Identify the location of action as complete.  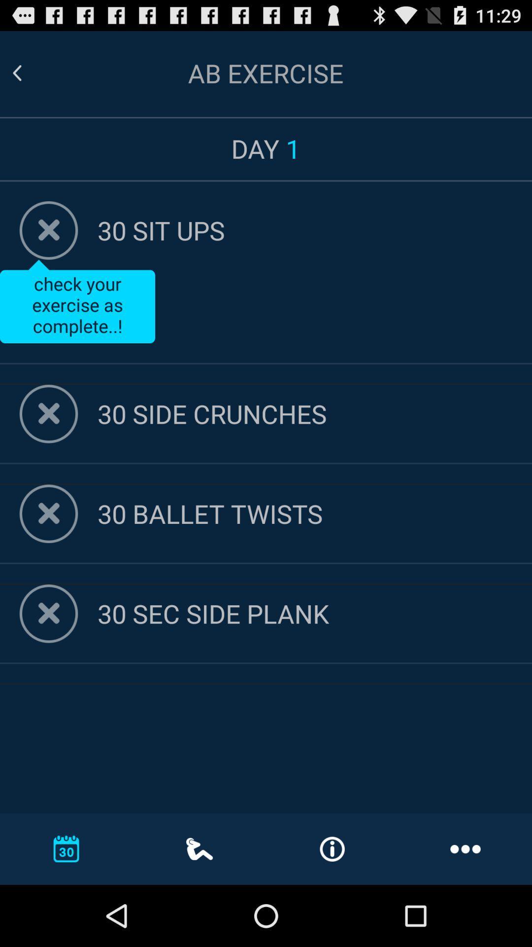
(49, 414).